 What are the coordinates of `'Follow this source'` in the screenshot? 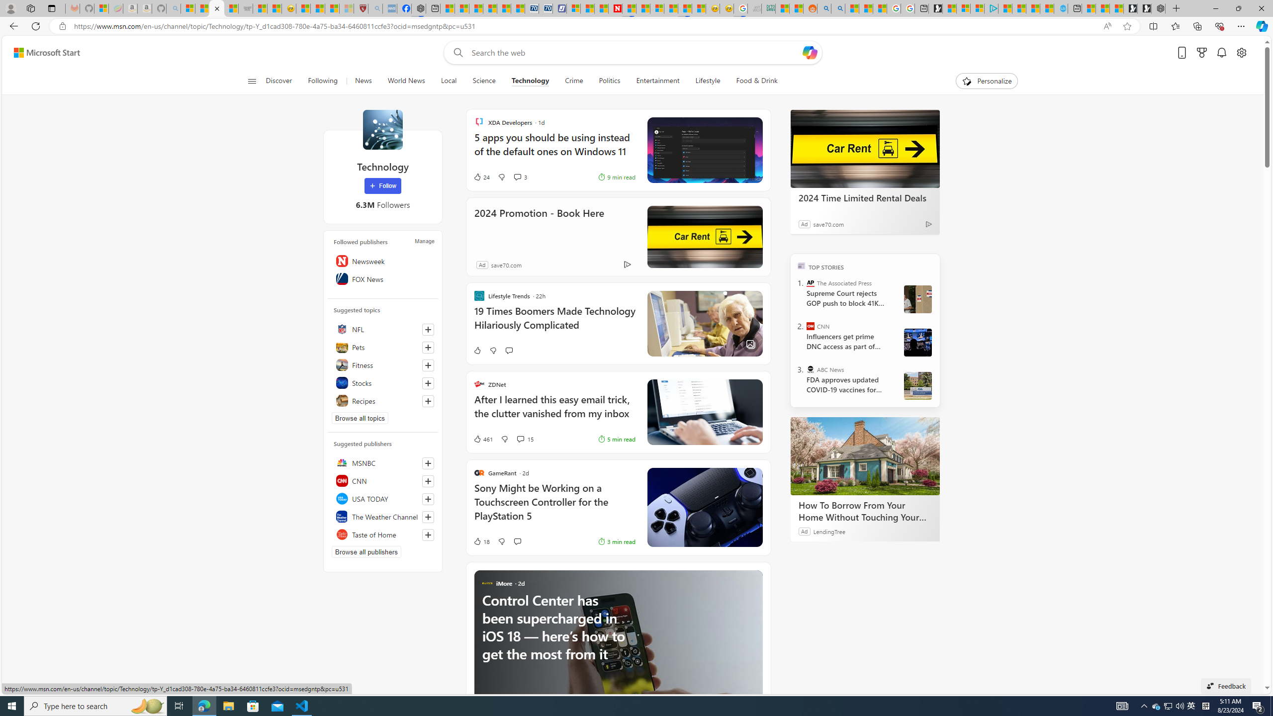 It's located at (428, 535).